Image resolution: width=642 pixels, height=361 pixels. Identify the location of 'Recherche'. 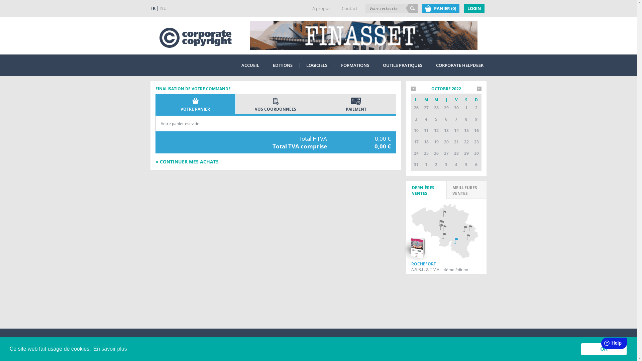
(411, 8).